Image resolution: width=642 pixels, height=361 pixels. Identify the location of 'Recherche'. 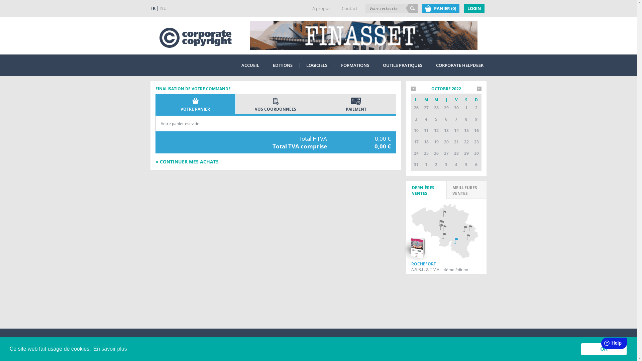
(411, 8).